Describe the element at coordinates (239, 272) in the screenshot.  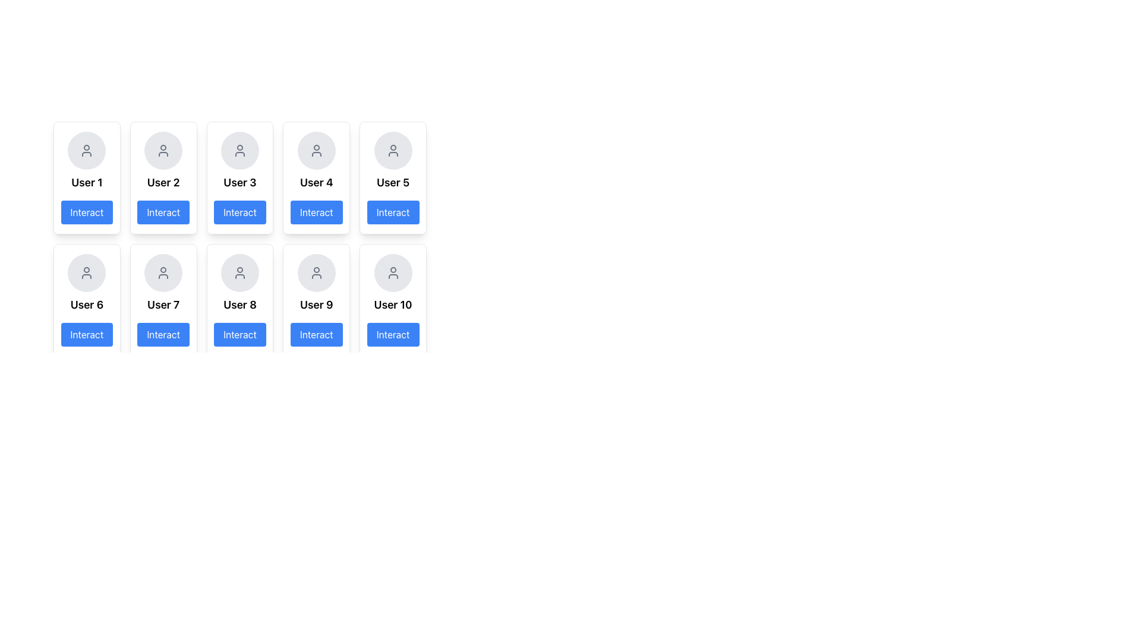
I see `the circular user profile avatar icon with a gray border located in the 'User 8' card, which is positioned above the 'Interact' button` at that location.